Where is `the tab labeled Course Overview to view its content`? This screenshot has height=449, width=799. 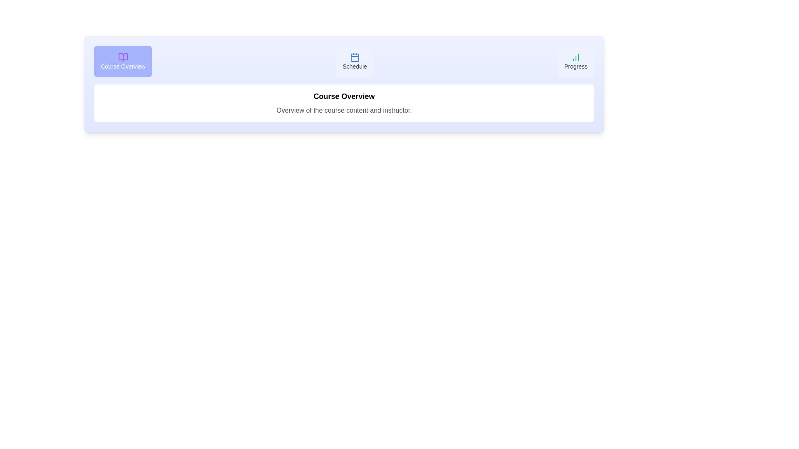
the tab labeled Course Overview to view its content is located at coordinates (122, 61).